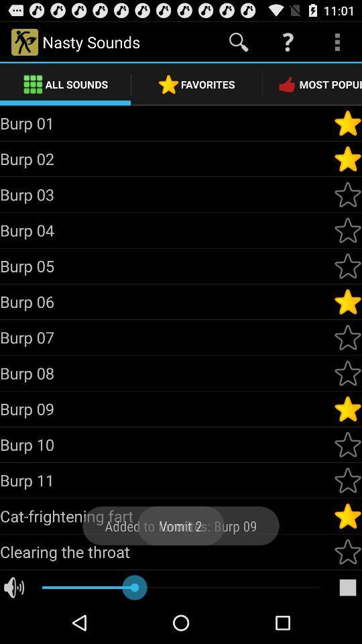 The height and width of the screenshot is (644, 362). I want to click on the icon above most popular app, so click(337, 42).